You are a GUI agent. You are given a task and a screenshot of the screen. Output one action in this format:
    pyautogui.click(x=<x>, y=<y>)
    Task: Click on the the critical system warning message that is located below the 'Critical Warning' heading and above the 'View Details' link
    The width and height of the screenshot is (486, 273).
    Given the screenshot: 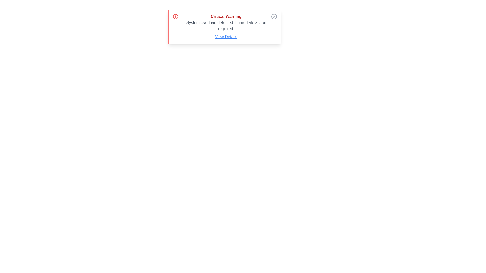 What is the action you would take?
    pyautogui.click(x=226, y=26)
    